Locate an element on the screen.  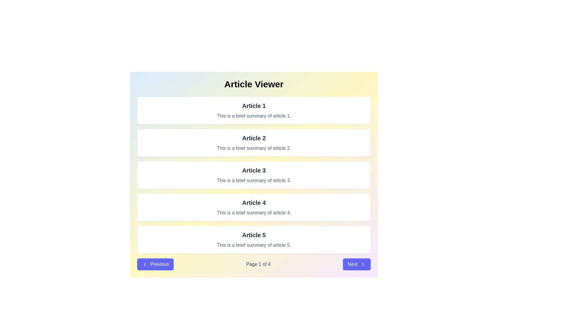
the 'Article 2' text label, which is displayed in a bold font within a white, shadowed rectangular card, centrally positioned in the second card of a vertically arranged list is located at coordinates (254, 138).